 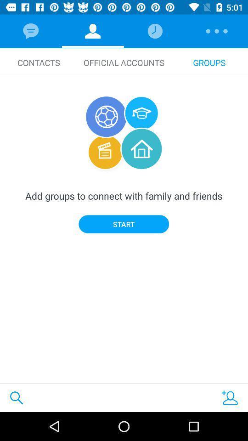 I want to click on the start item, so click(x=124, y=224).